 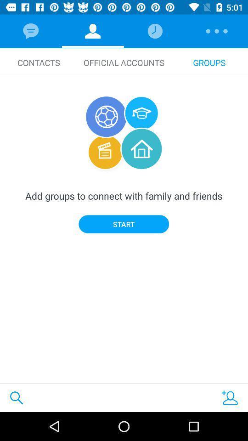 I want to click on the start item, so click(x=124, y=224).